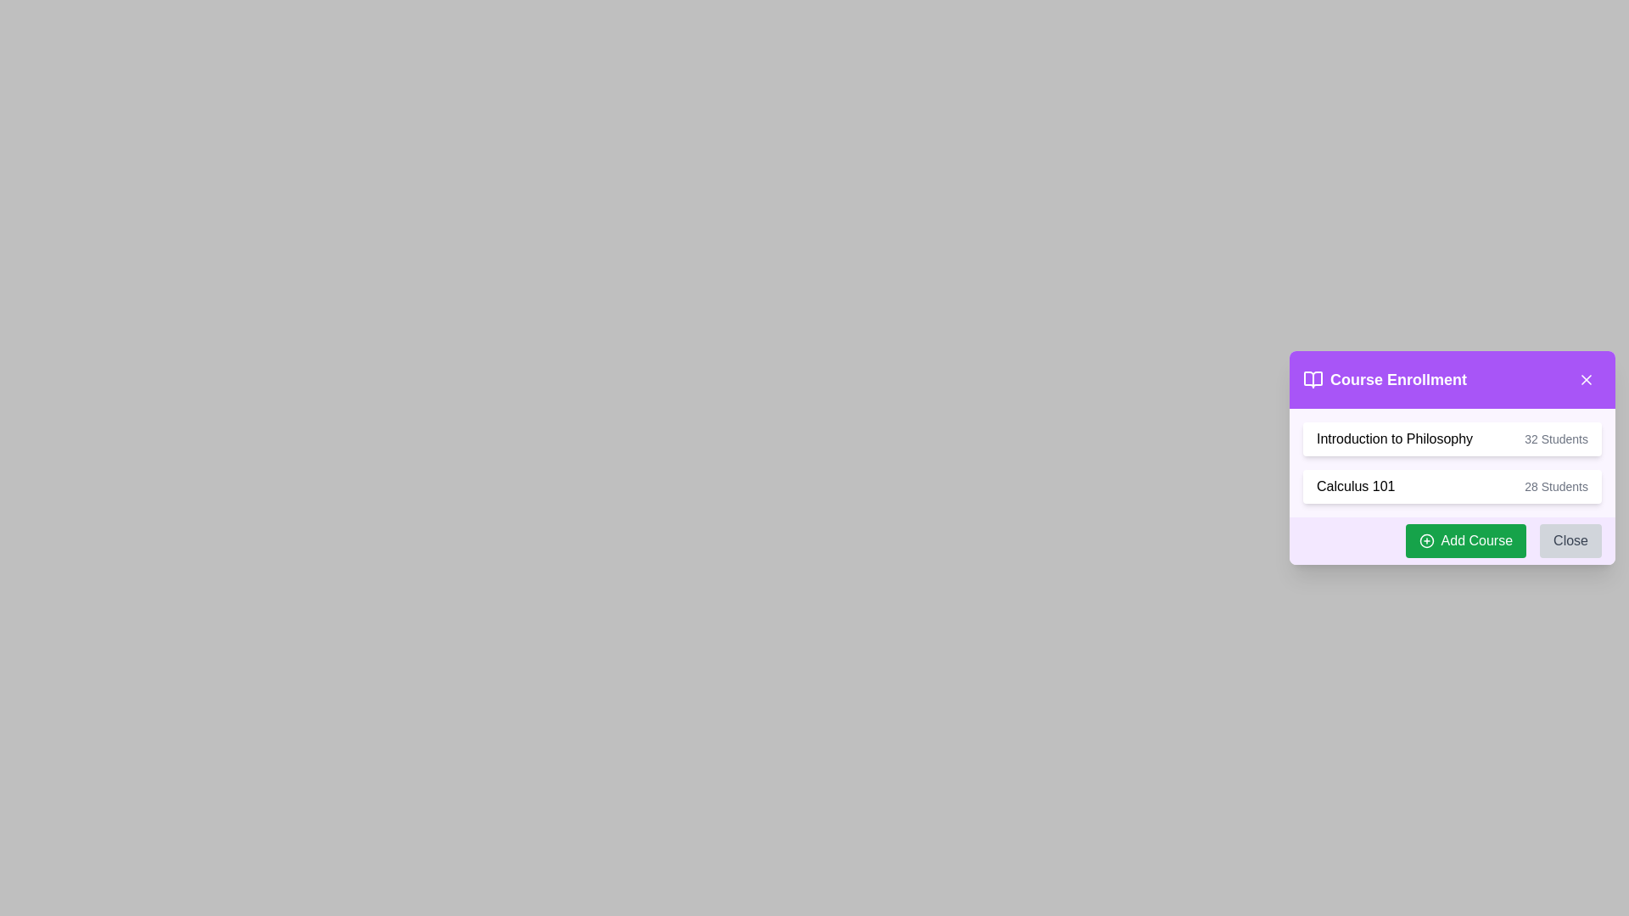  I want to click on the 'Calculus 101' course informative display element, which is the second item in a vertically stacked list within a purple modal window, so click(1452, 487).